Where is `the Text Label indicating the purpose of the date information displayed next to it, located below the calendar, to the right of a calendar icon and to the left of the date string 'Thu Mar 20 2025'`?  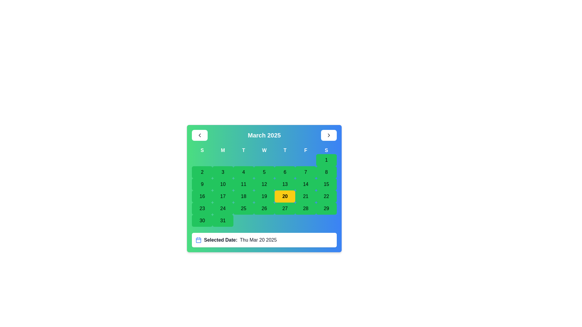
the Text Label indicating the purpose of the date information displayed next to it, located below the calendar, to the right of a calendar icon and to the left of the date string 'Thu Mar 20 2025' is located at coordinates (220, 240).